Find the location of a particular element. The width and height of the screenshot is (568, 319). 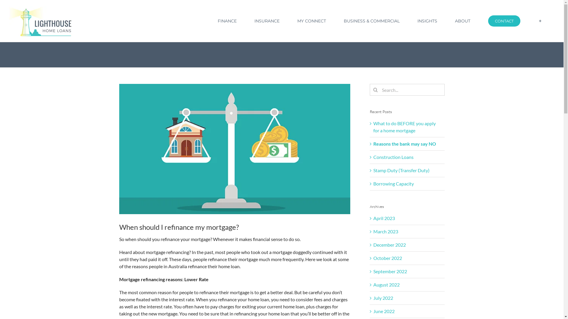

'BUSINESS & COMMERCIAL' is located at coordinates (371, 20).